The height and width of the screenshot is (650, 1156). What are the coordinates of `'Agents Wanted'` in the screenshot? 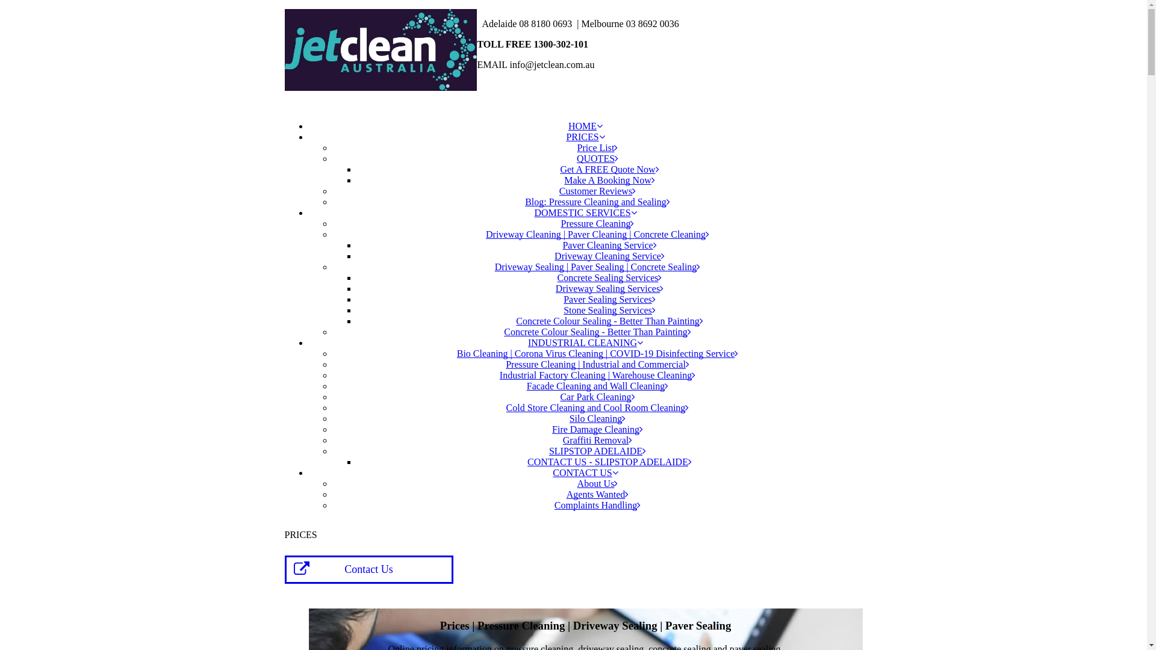 It's located at (598, 494).